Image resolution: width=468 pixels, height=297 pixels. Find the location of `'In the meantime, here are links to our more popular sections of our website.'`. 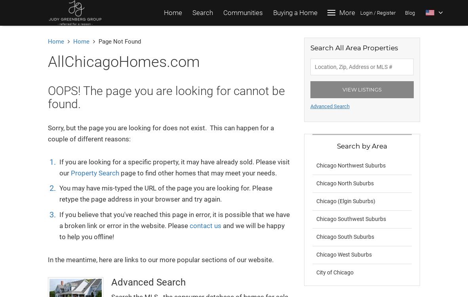

'In the meantime, here are links to our more popular sections of our website.' is located at coordinates (160, 259).